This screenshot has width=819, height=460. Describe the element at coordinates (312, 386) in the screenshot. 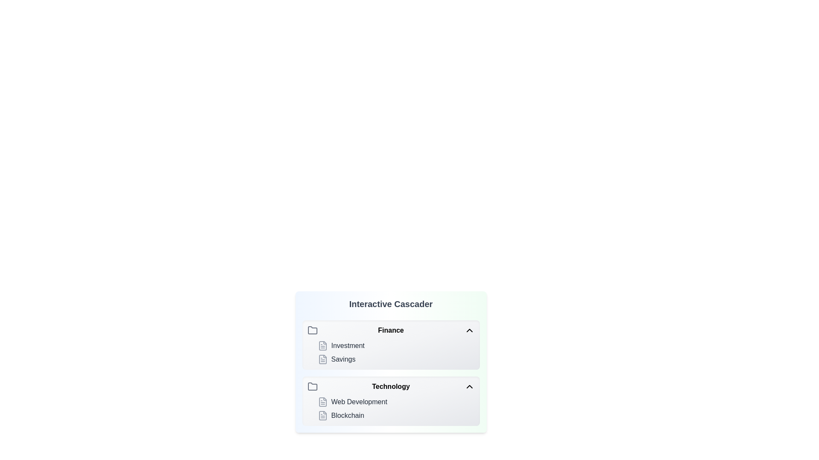

I see `the gray folder icon representing 'Technology', located in the bottom section of a two-part list, to the left of the label` at that location.